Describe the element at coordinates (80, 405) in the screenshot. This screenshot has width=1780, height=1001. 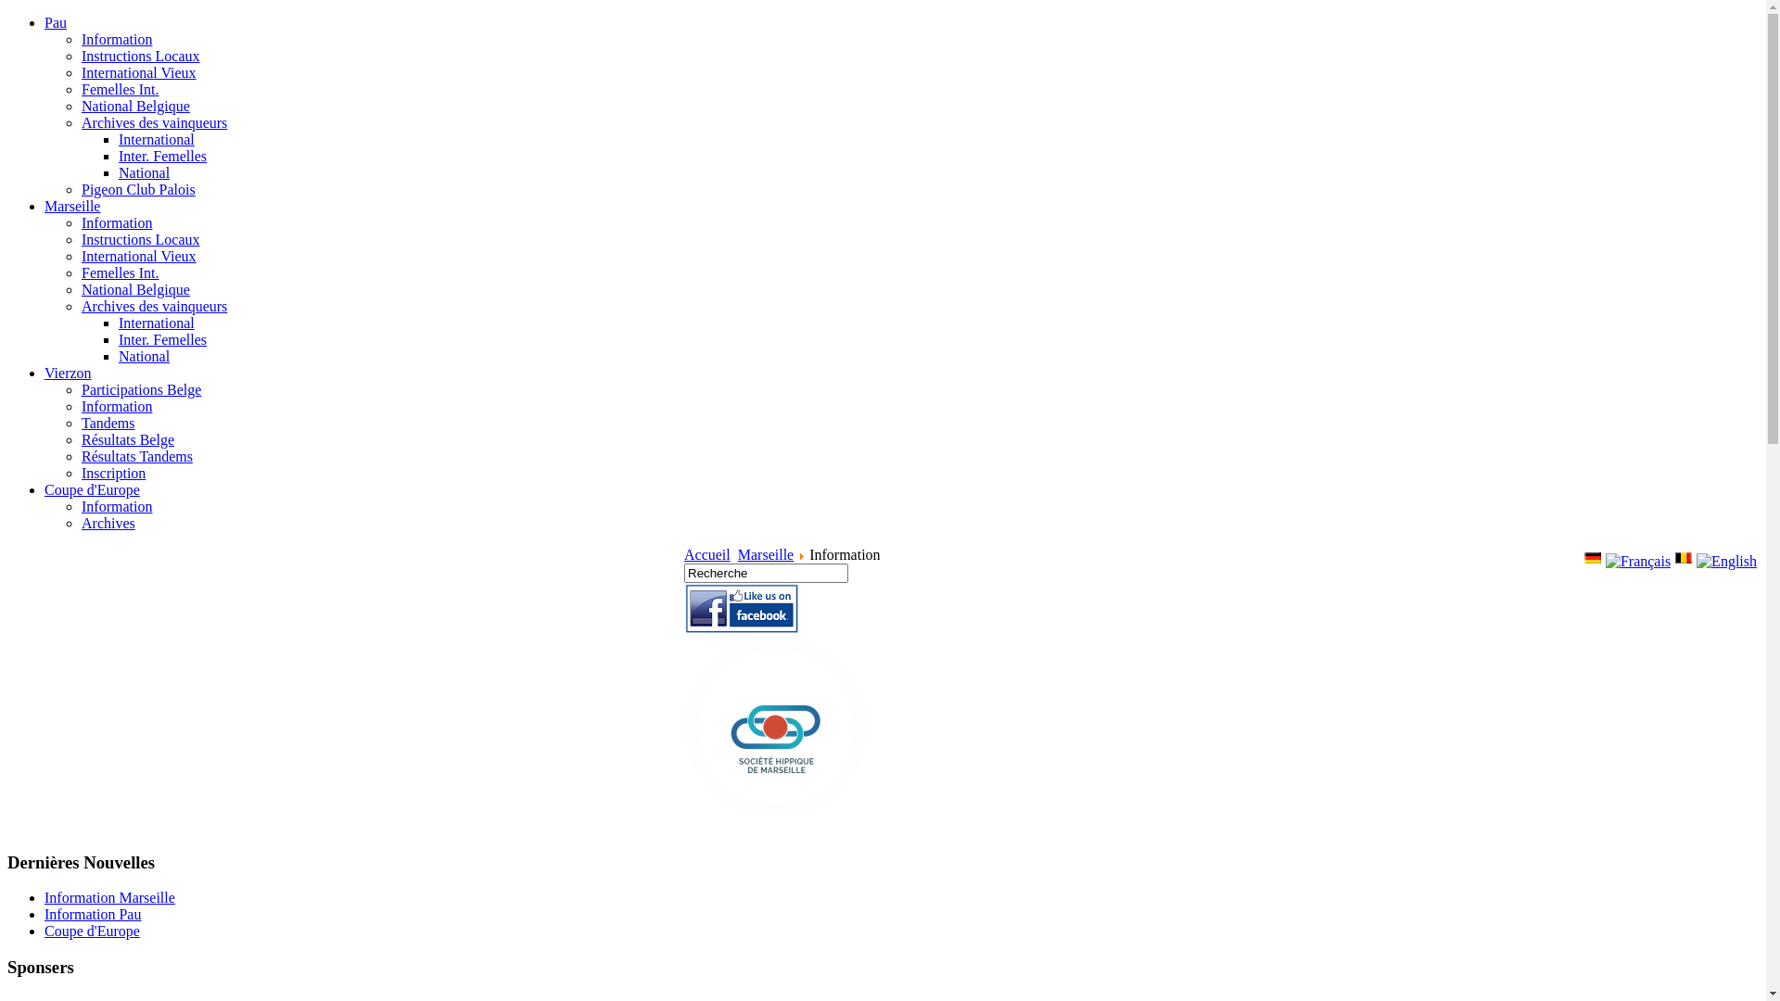
I see `'Information'` at that location.